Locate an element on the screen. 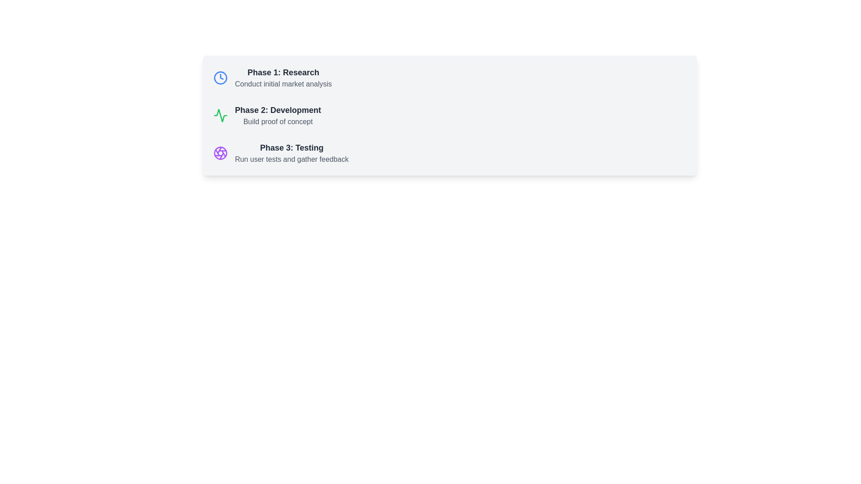 Image resolution: width=861 pixels, height=484 pixels. the Text Label that serves as the section label for the third phase in the sequence of items is located at coordinates (291, 147).